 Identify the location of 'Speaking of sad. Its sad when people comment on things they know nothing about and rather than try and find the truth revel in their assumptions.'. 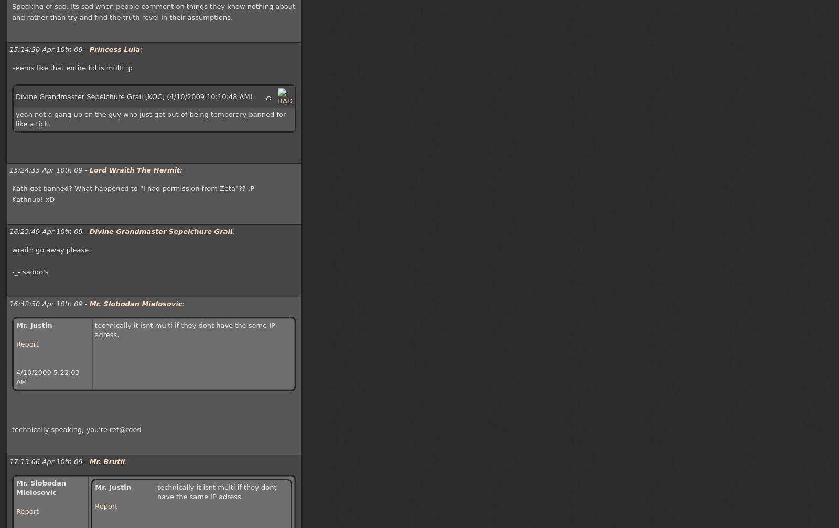
(12, 12).